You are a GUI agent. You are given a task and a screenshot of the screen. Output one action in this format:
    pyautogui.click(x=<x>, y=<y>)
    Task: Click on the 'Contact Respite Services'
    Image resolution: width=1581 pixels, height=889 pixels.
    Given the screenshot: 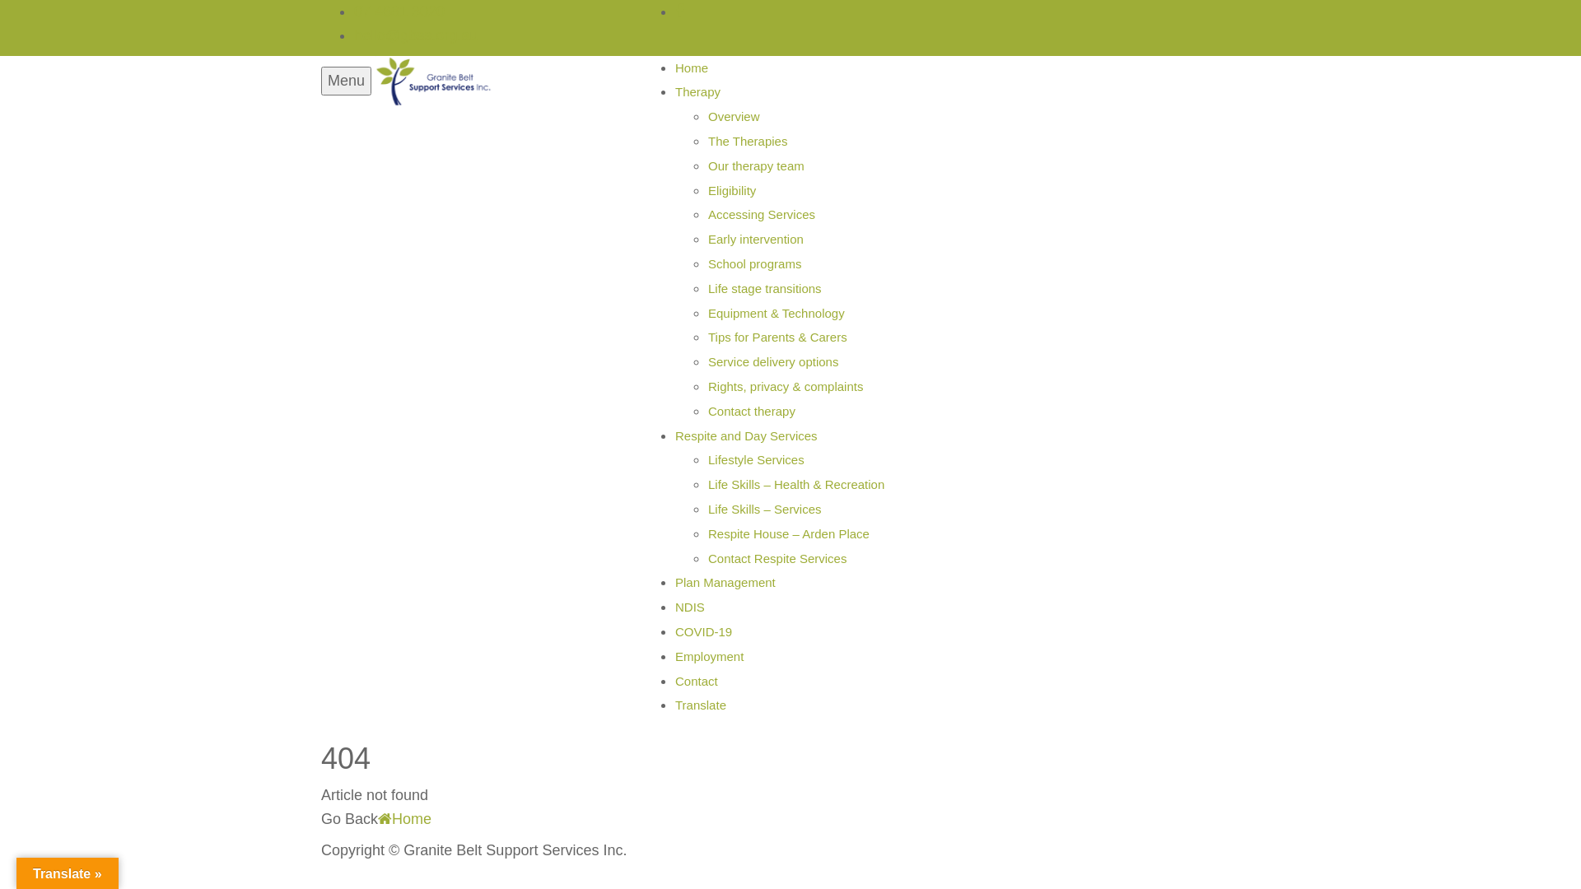 What is the action you would take?
    pyautogui.click(x=777, y=557)
    